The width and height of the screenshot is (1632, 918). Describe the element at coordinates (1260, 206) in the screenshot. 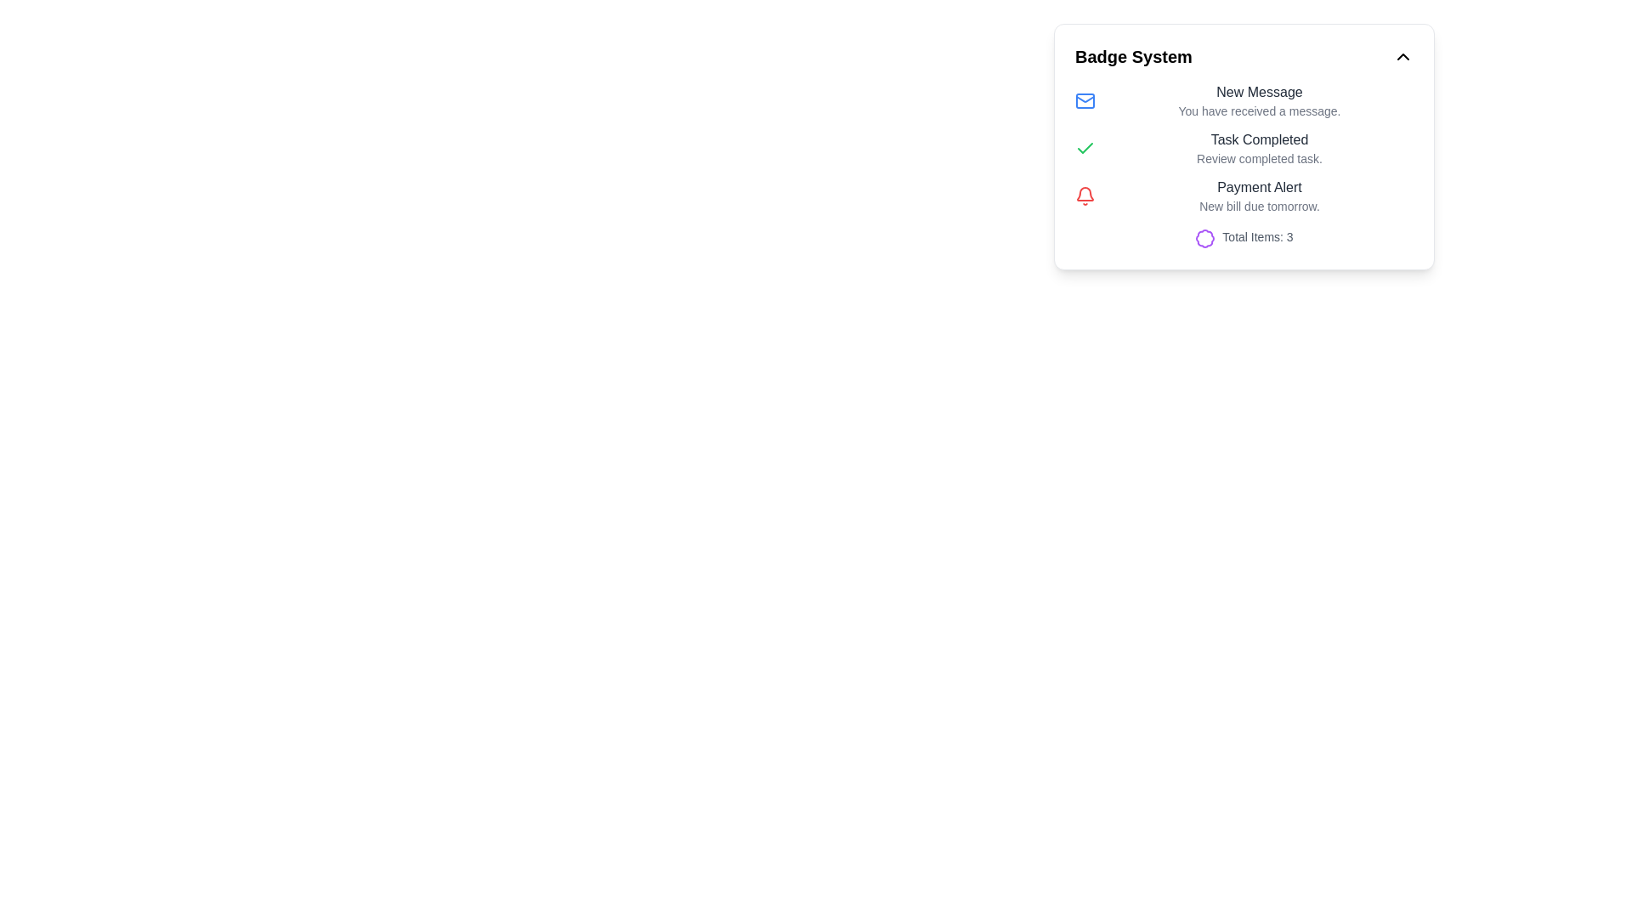

I see `the supplementary information text related to the payment alert, which is centrally aligned below the 'Payment Alert' text` at that location.